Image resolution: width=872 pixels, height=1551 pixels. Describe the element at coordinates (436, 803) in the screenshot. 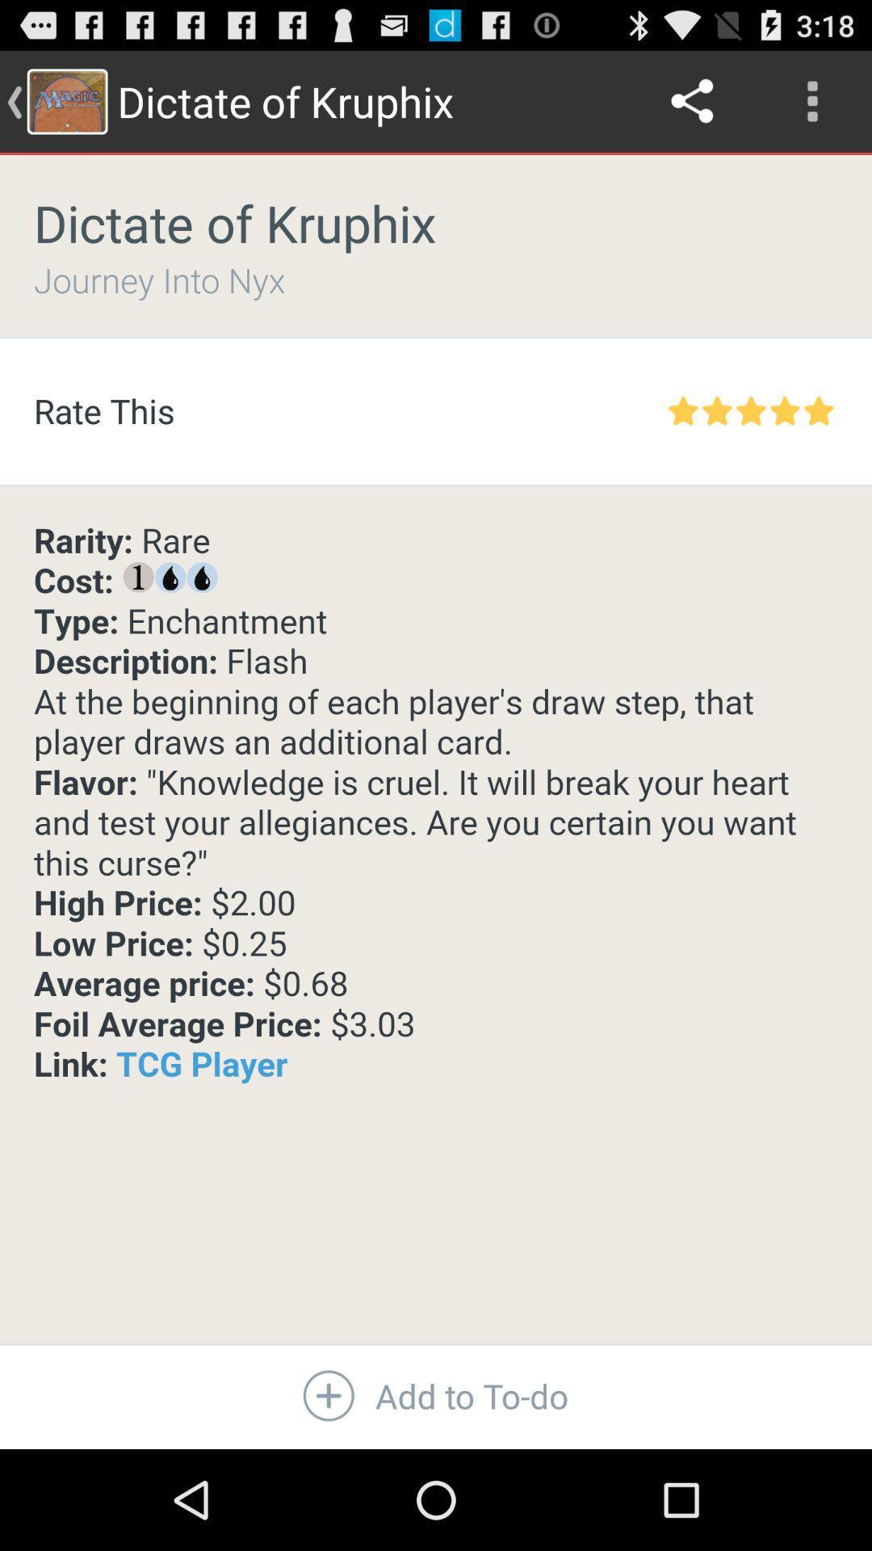

I see `the item above add to to icon` at that location.